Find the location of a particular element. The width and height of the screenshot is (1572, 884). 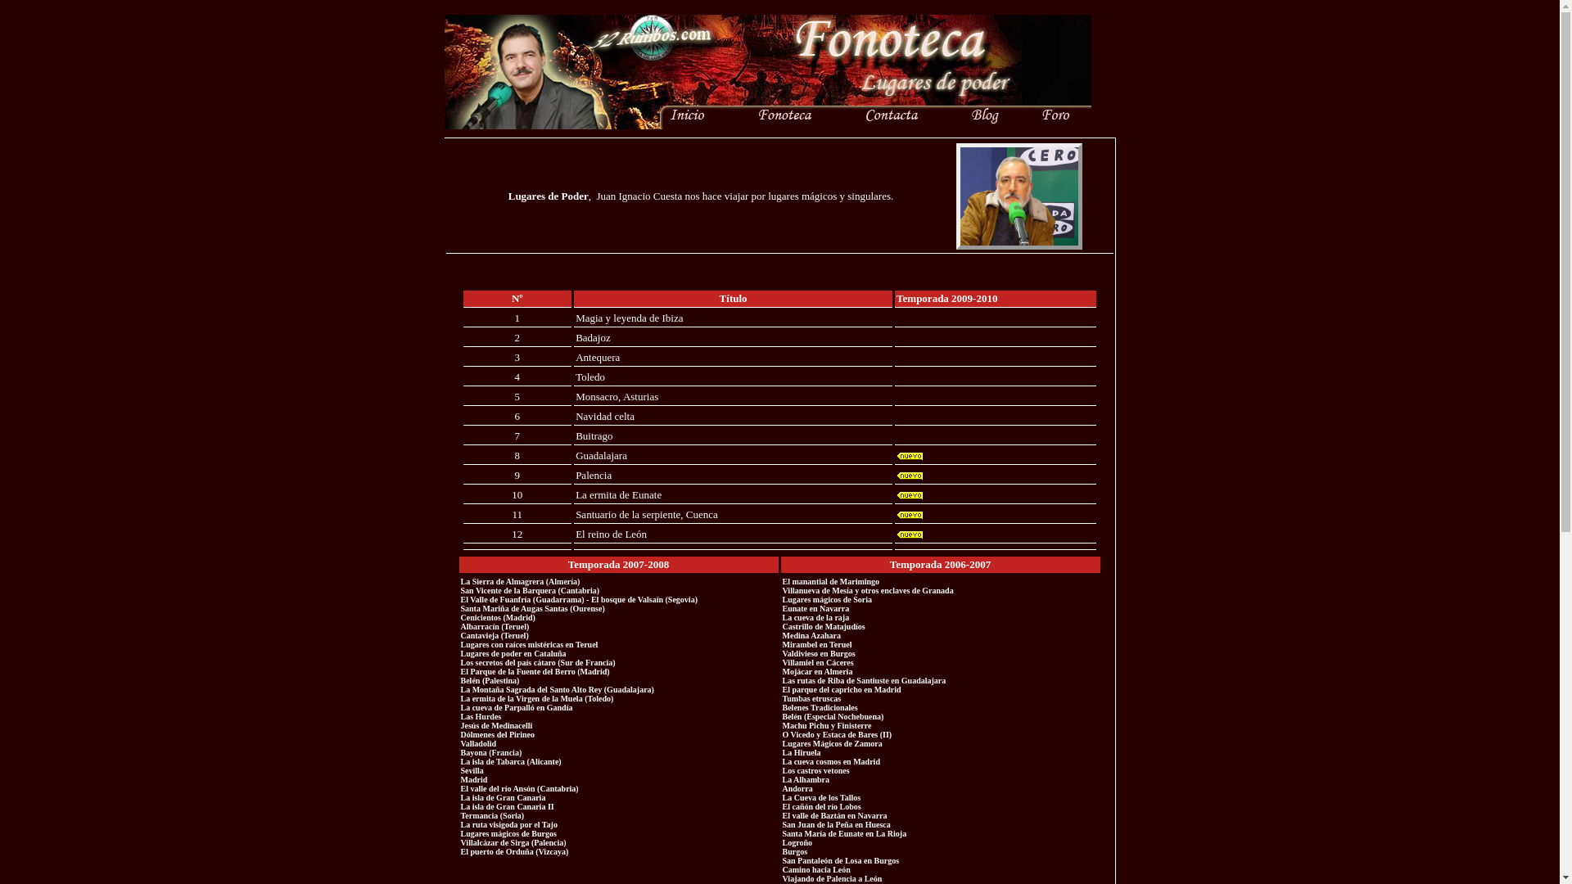

'Valdivieso en Burgos  ' is located at coordinates (821, 652).